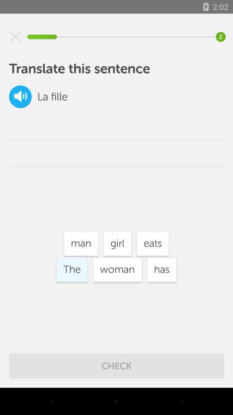  I want to click on the icon next to the the item, so click(117, 269).